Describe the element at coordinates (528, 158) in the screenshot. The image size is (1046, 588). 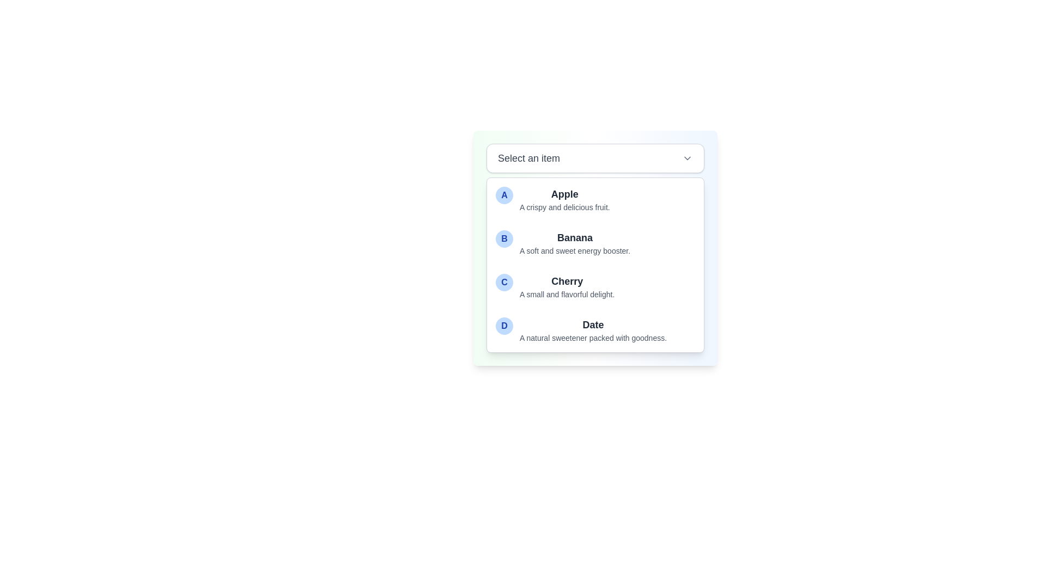
I see `the label indicating 'Select an item' which is positioned inside a white box at the top-left area, serving as a title for the surrounding dropdown component` at that location.